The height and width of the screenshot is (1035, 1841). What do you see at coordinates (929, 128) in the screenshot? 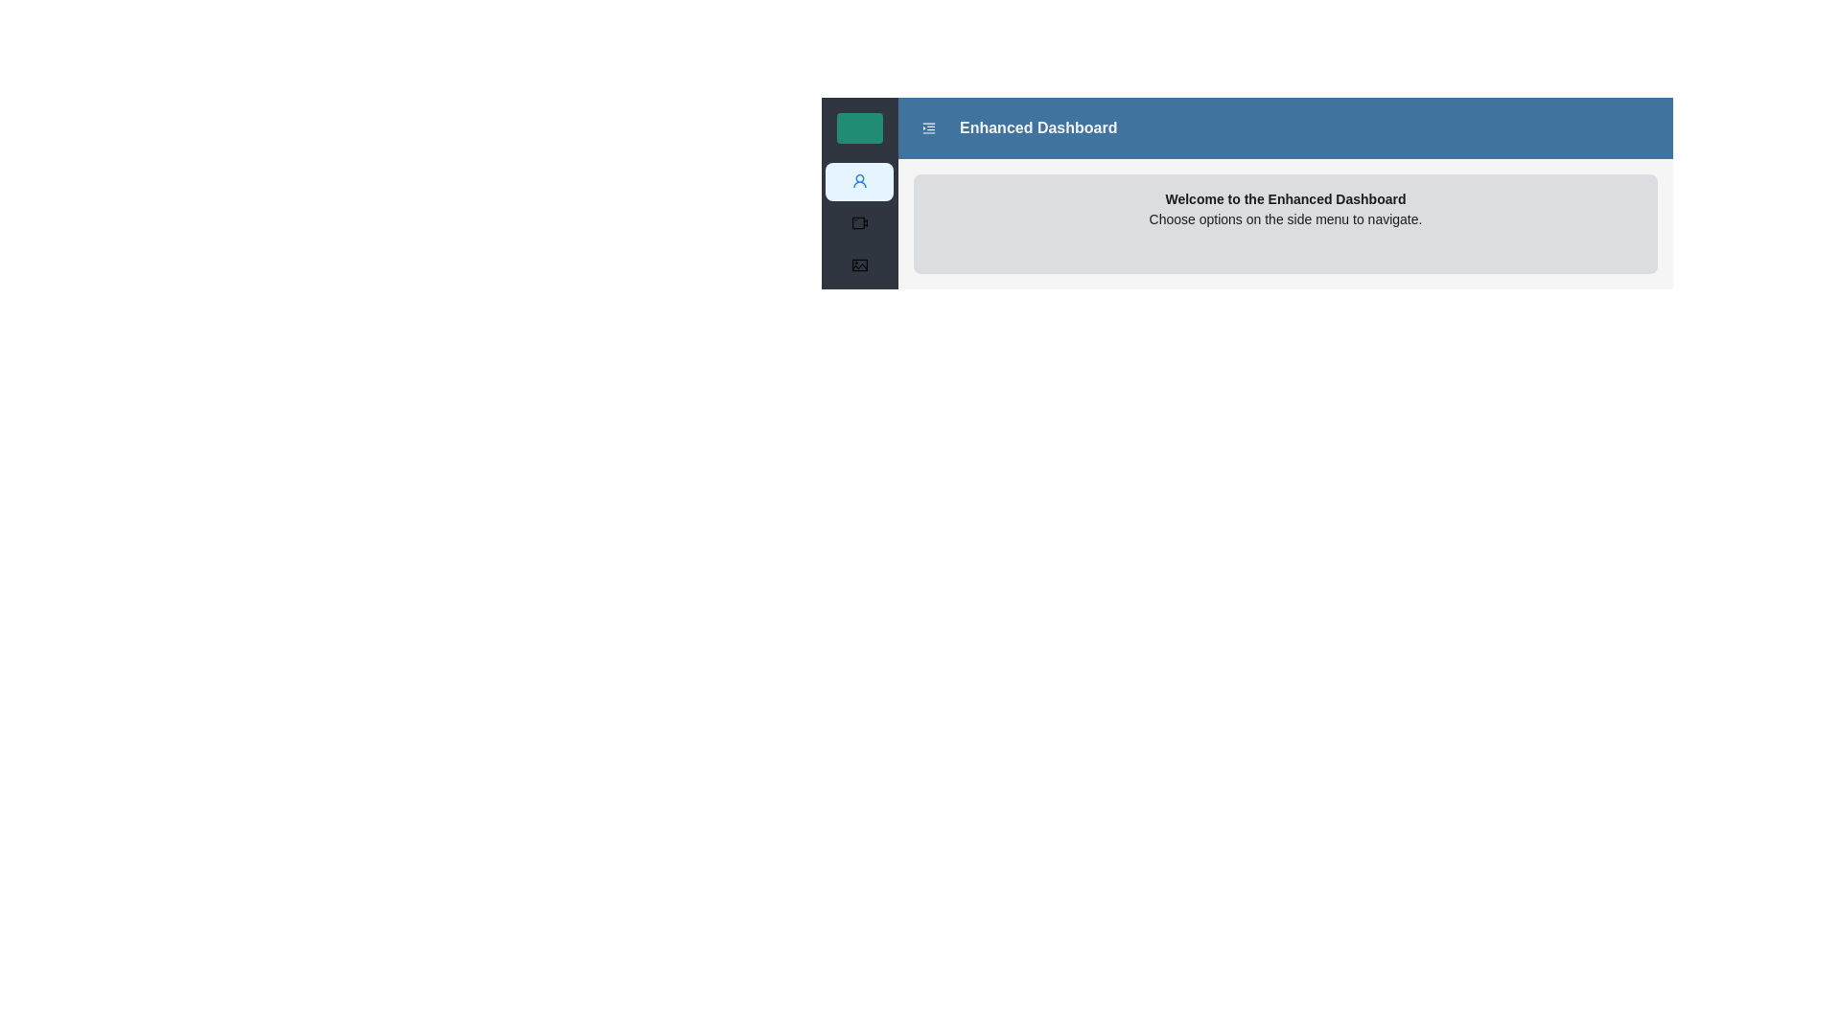
I see `the Icon button with a blue background and a white horizontally collapsed menu icon` at bounding box center [929, 128].